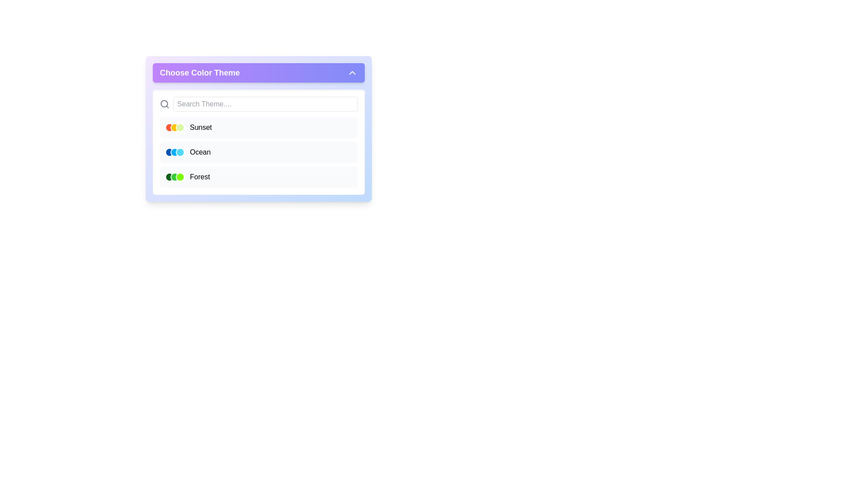 This screenshot has height=477, width=848. What do you see at coordinates (164, 103) in the screenshot?
I see `the search icon component located near the upper-left area of the search bar, which visually represents a magnifying glass` at bounding box center [164, 103].